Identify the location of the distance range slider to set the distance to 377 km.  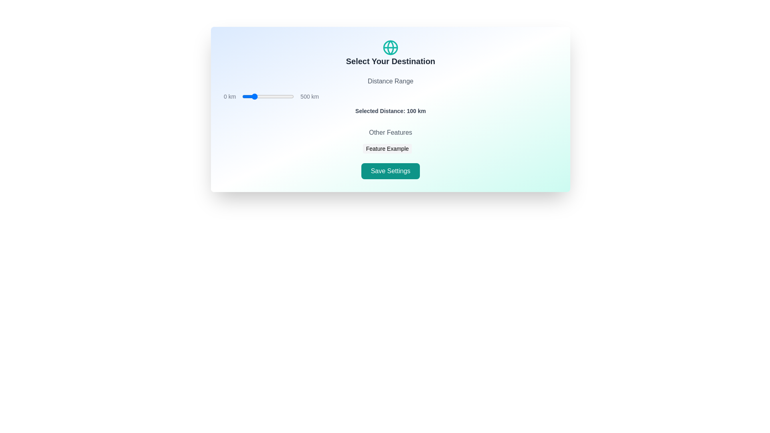
(281, 96).